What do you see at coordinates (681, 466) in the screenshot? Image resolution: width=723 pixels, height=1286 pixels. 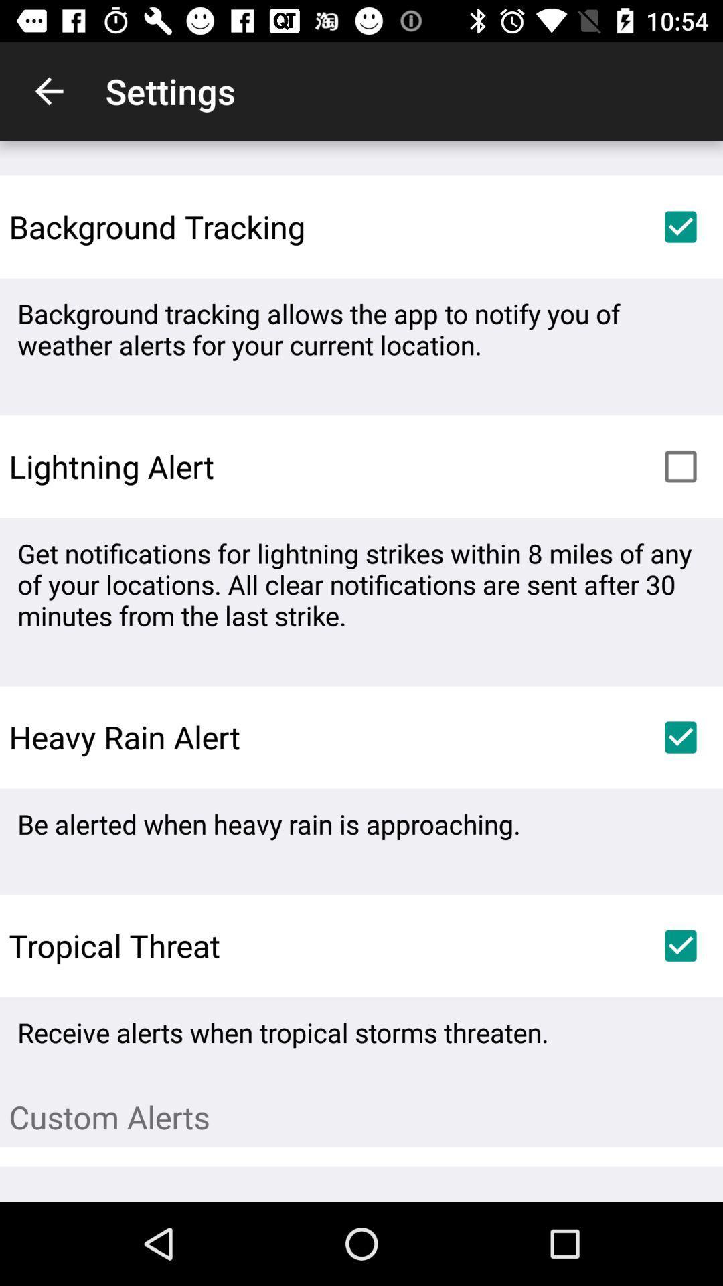 I see `tab to add lightning alert` at bounding box center [681, 466].